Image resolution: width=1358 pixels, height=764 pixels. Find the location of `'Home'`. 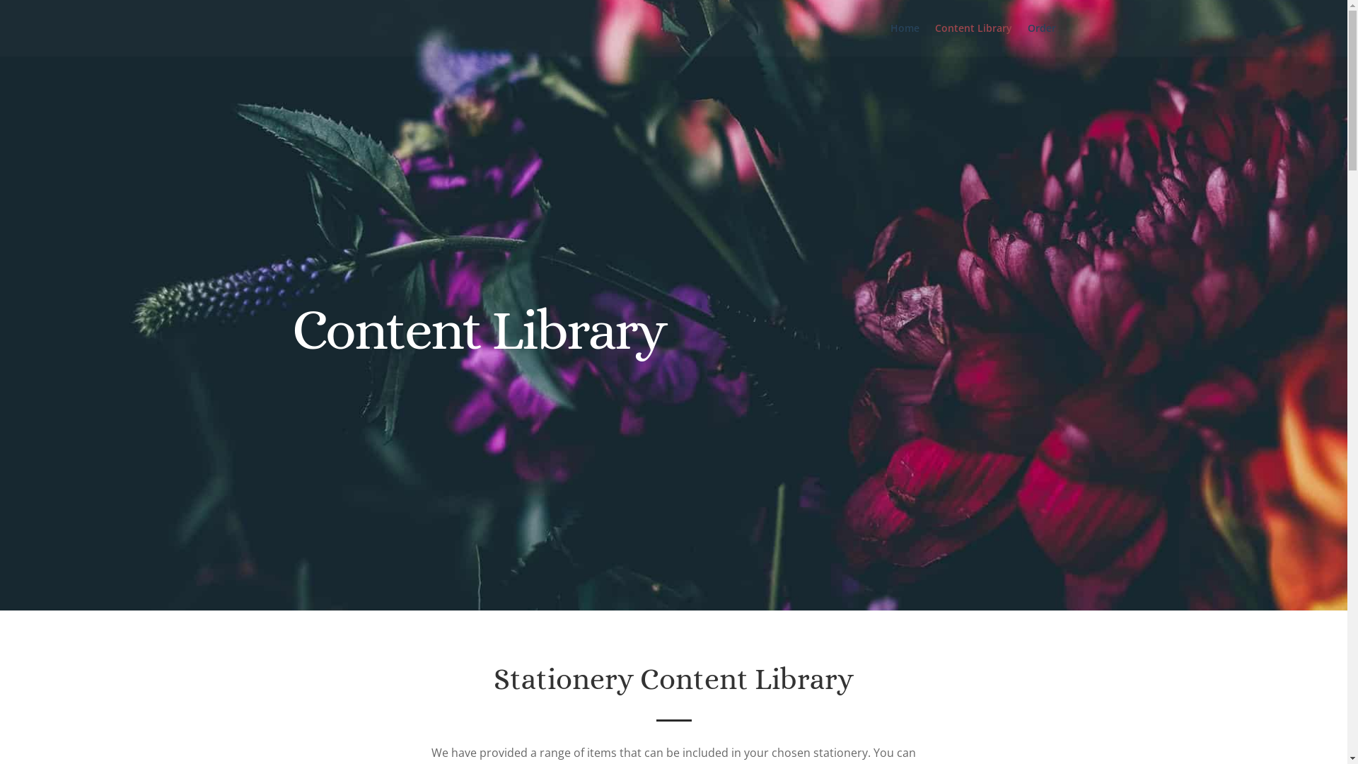

'Home' is located at coordinates (888, 39).